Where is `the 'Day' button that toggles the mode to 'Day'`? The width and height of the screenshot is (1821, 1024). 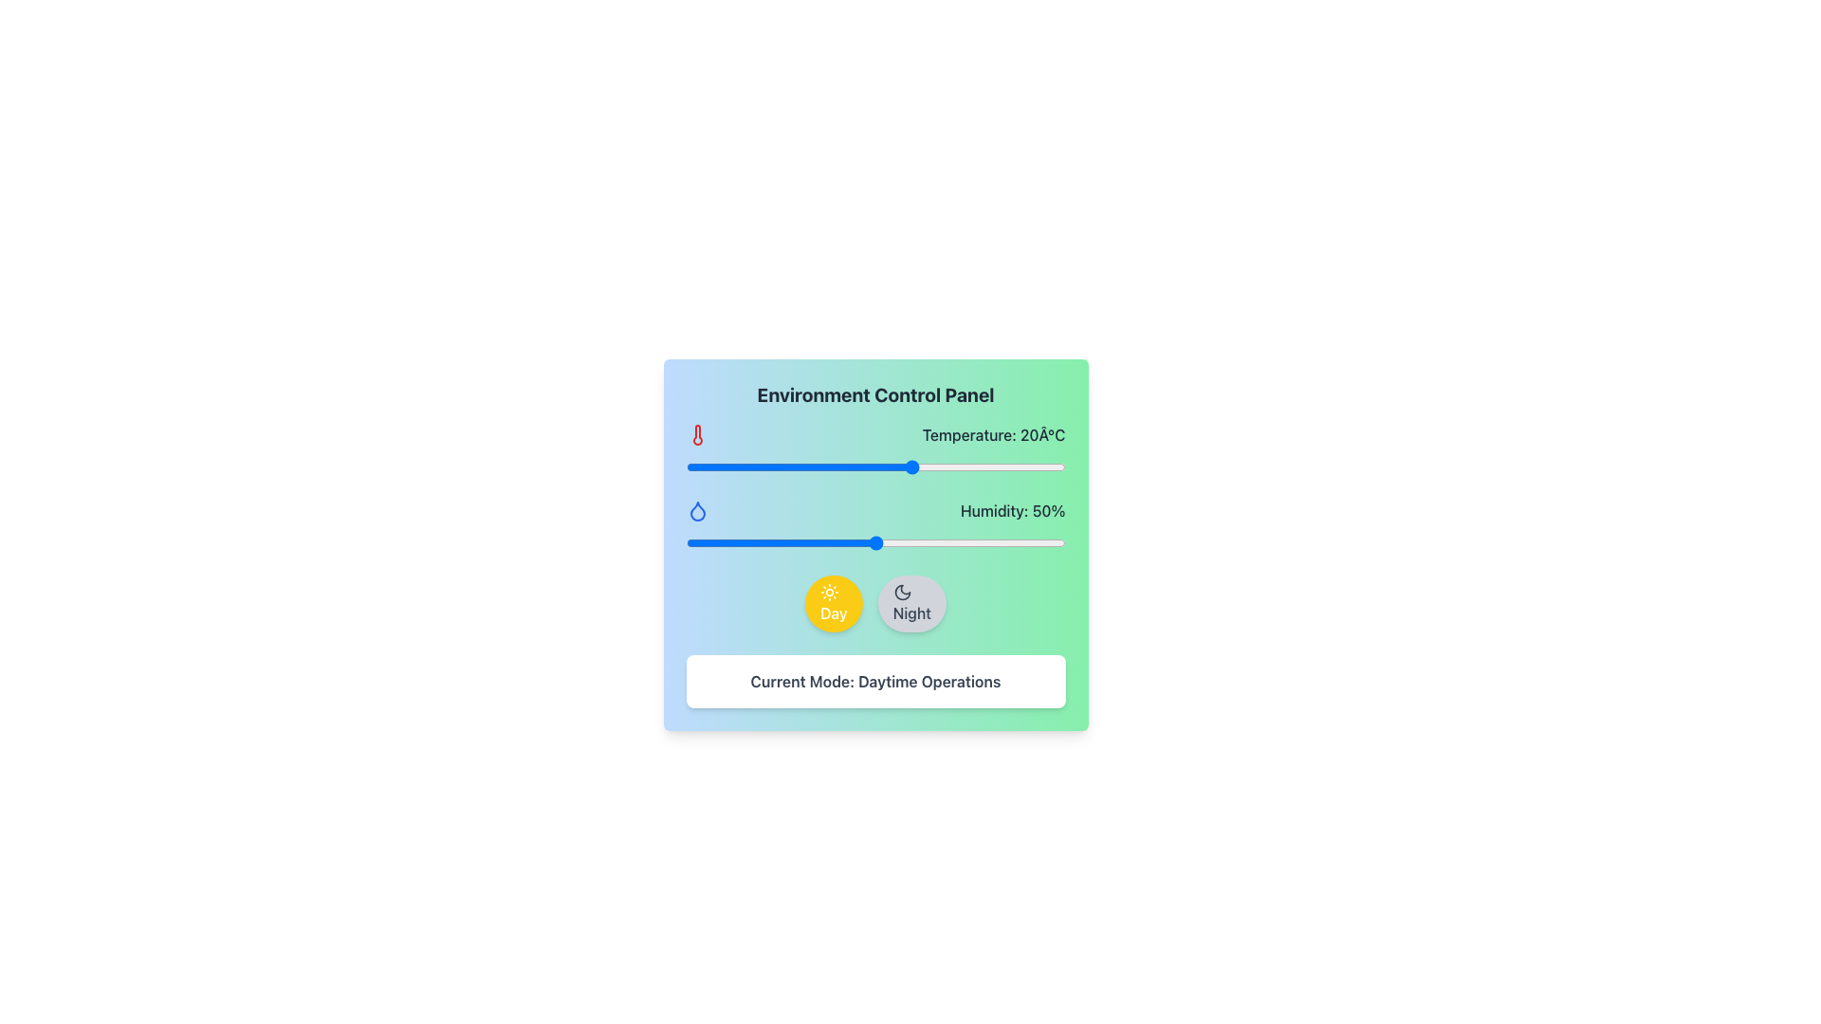
the 'Day' button that toggles the mode to 'Day' is located at coordinates (834, 603).